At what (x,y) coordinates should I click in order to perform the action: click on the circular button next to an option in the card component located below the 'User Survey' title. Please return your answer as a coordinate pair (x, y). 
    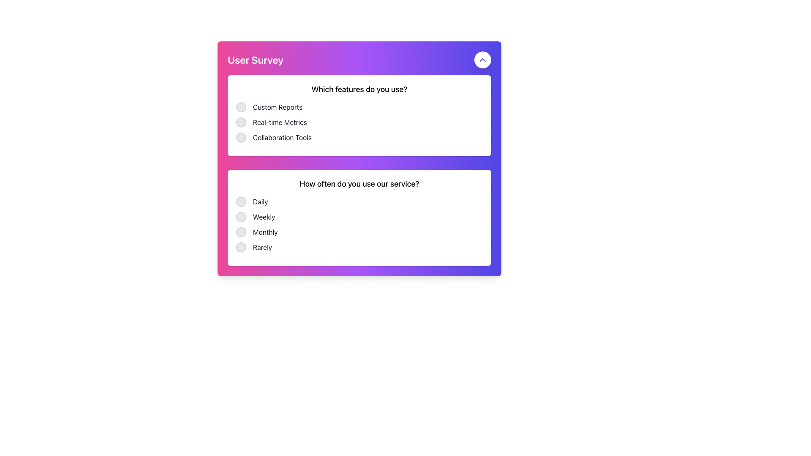
    Looking at the image, I should click on (359, 115).